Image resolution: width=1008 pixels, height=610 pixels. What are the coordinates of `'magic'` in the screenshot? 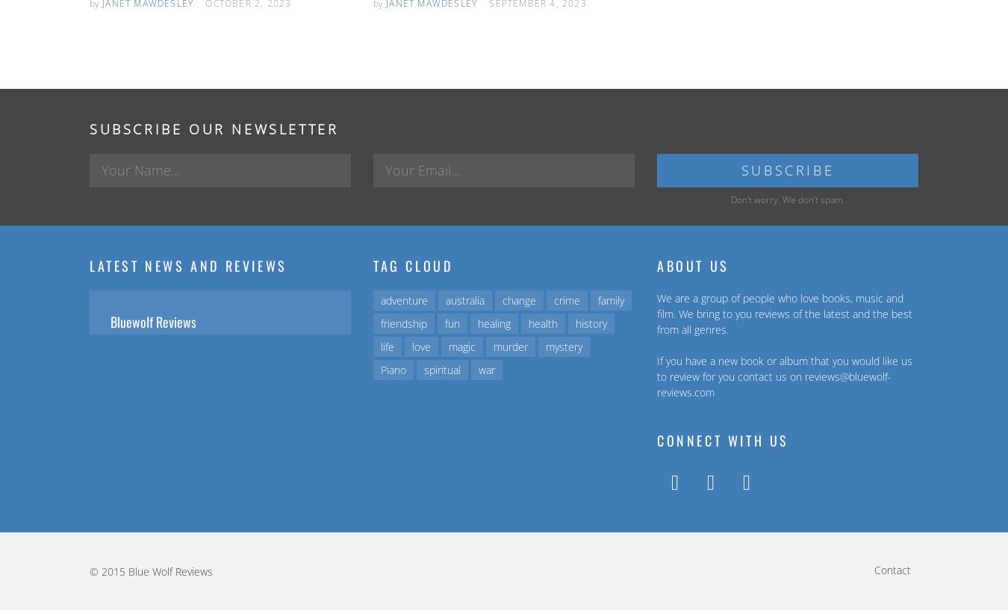 It's located at (461, 346).